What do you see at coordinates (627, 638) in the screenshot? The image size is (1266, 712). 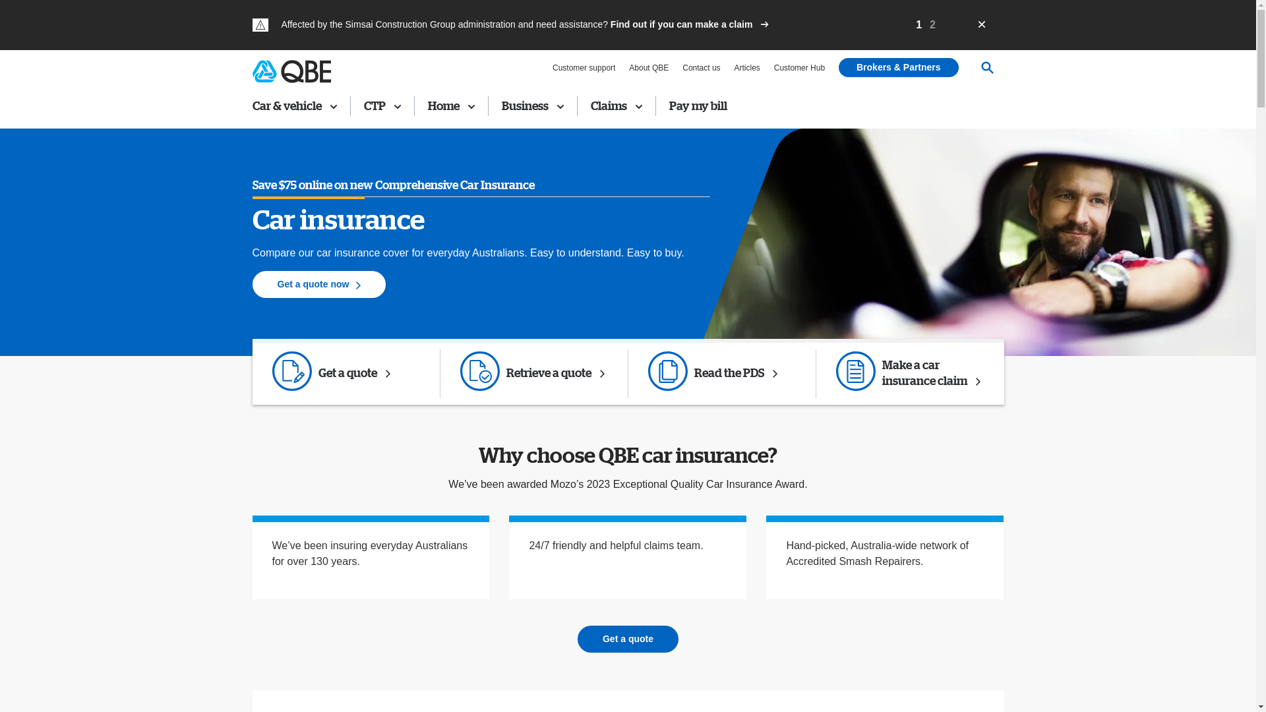 I see `'Get a quote'` at bounding box center [627, 638].